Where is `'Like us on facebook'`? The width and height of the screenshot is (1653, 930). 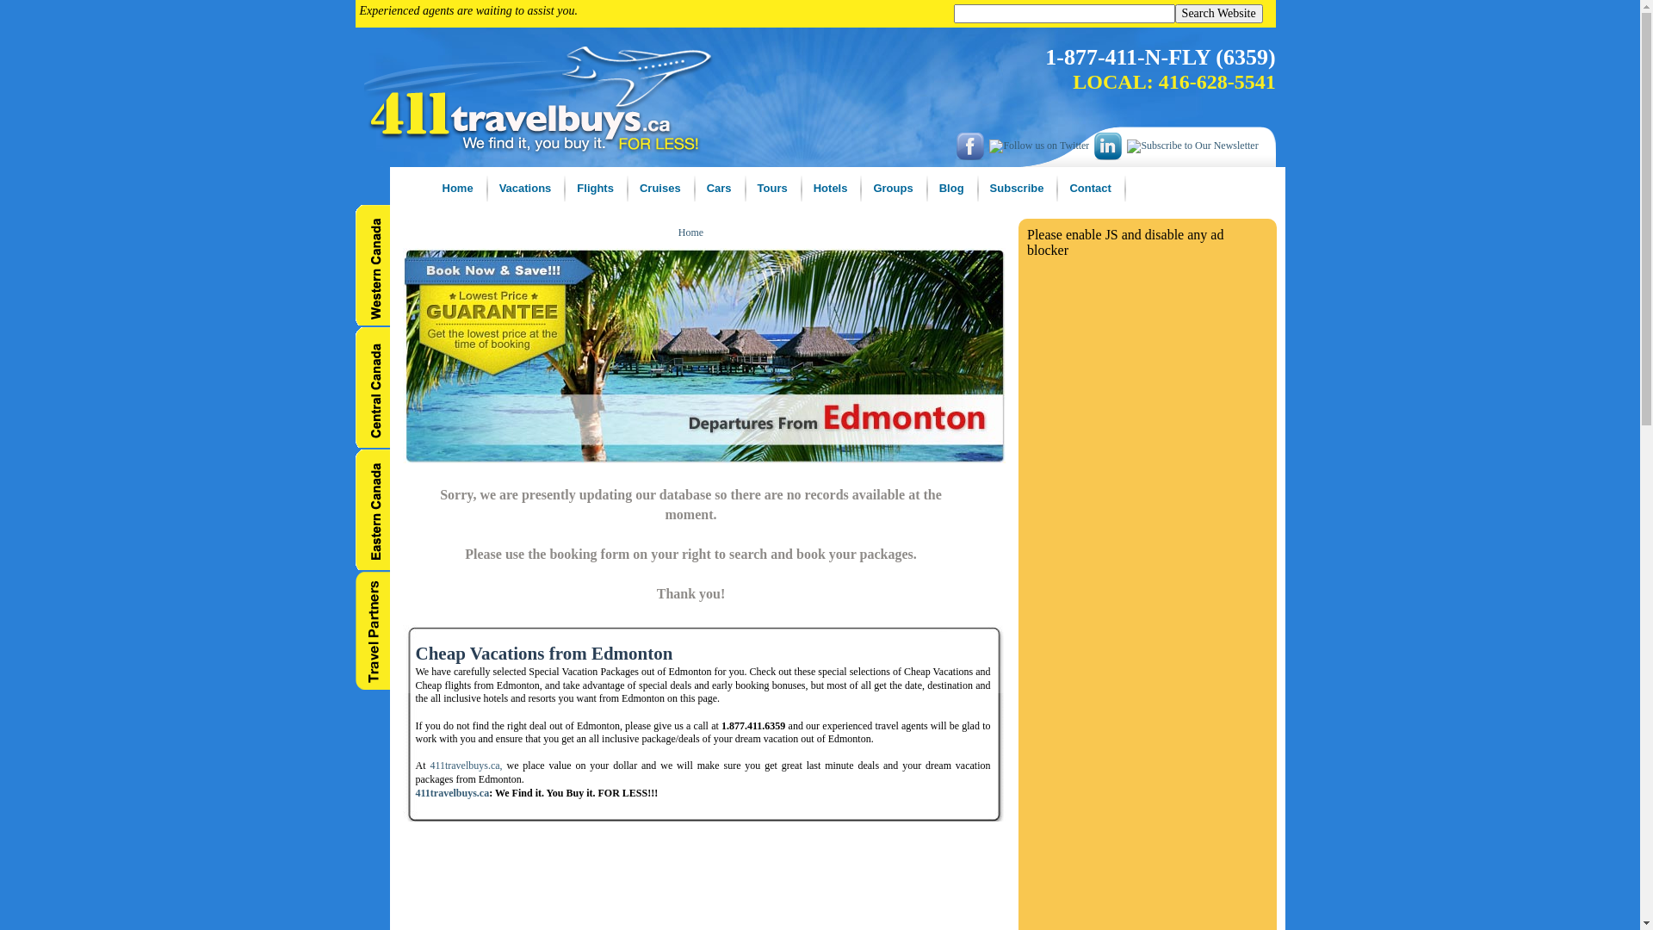 'Like us on facebook' is located at coordinates (972, 145).